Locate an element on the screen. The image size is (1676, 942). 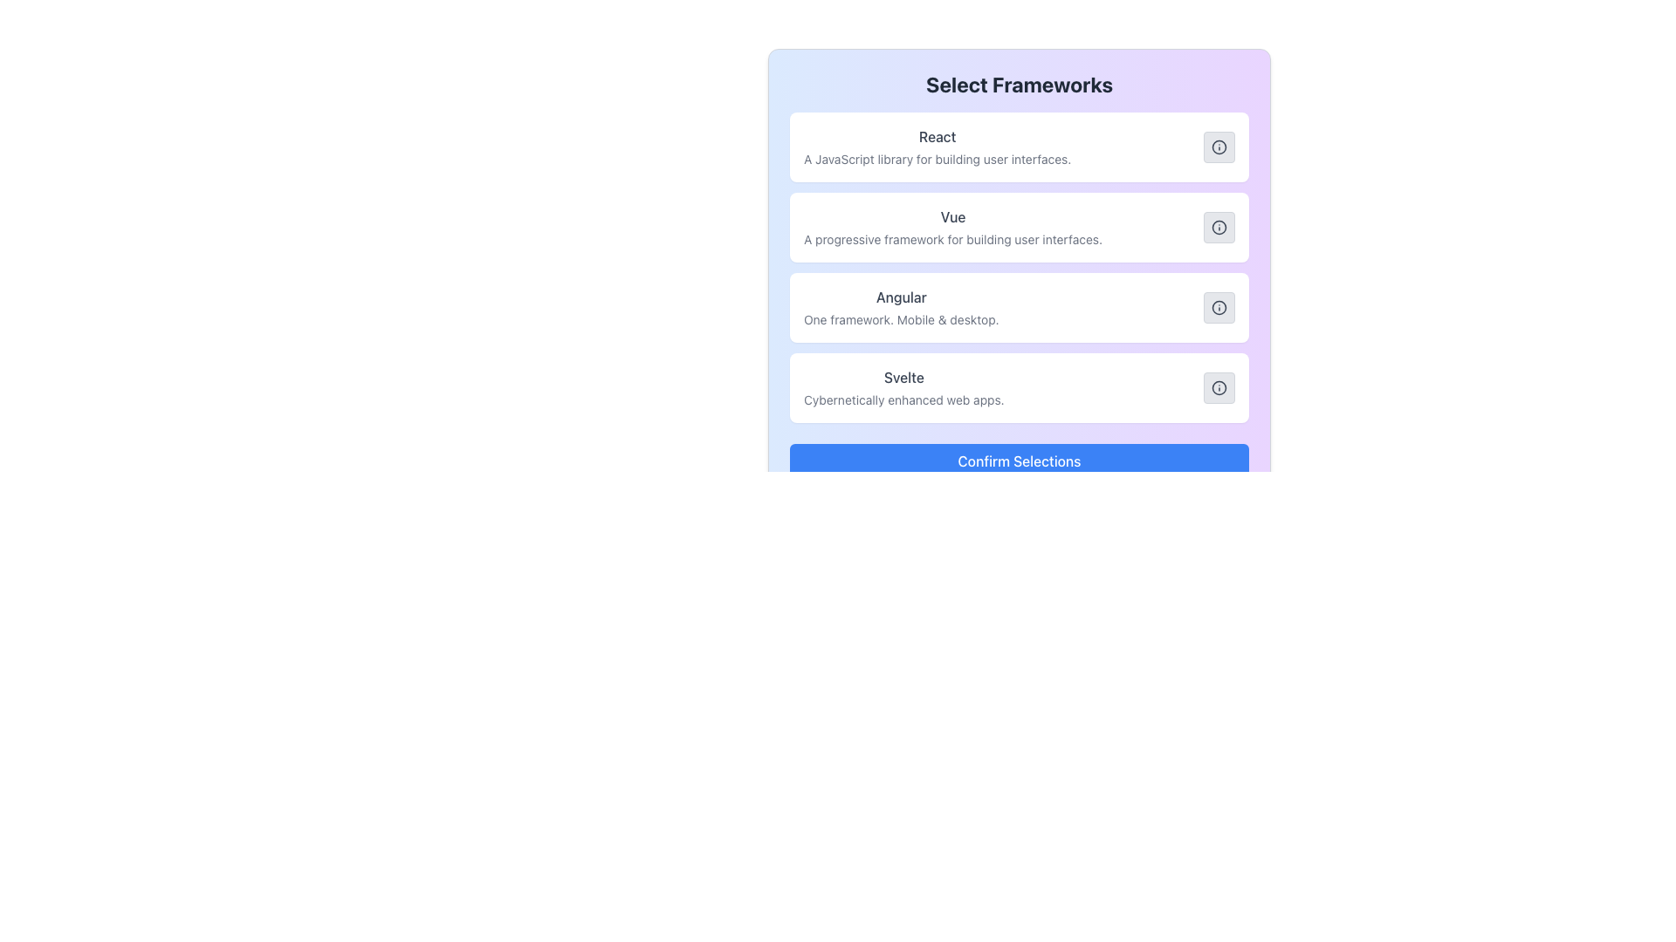
the circular icon button with a stylized 'i' inside, located at the far-right end of the row for the 'Angular' framework in the 'Select Frameworks' interface is located at coordinates (1218, 307).